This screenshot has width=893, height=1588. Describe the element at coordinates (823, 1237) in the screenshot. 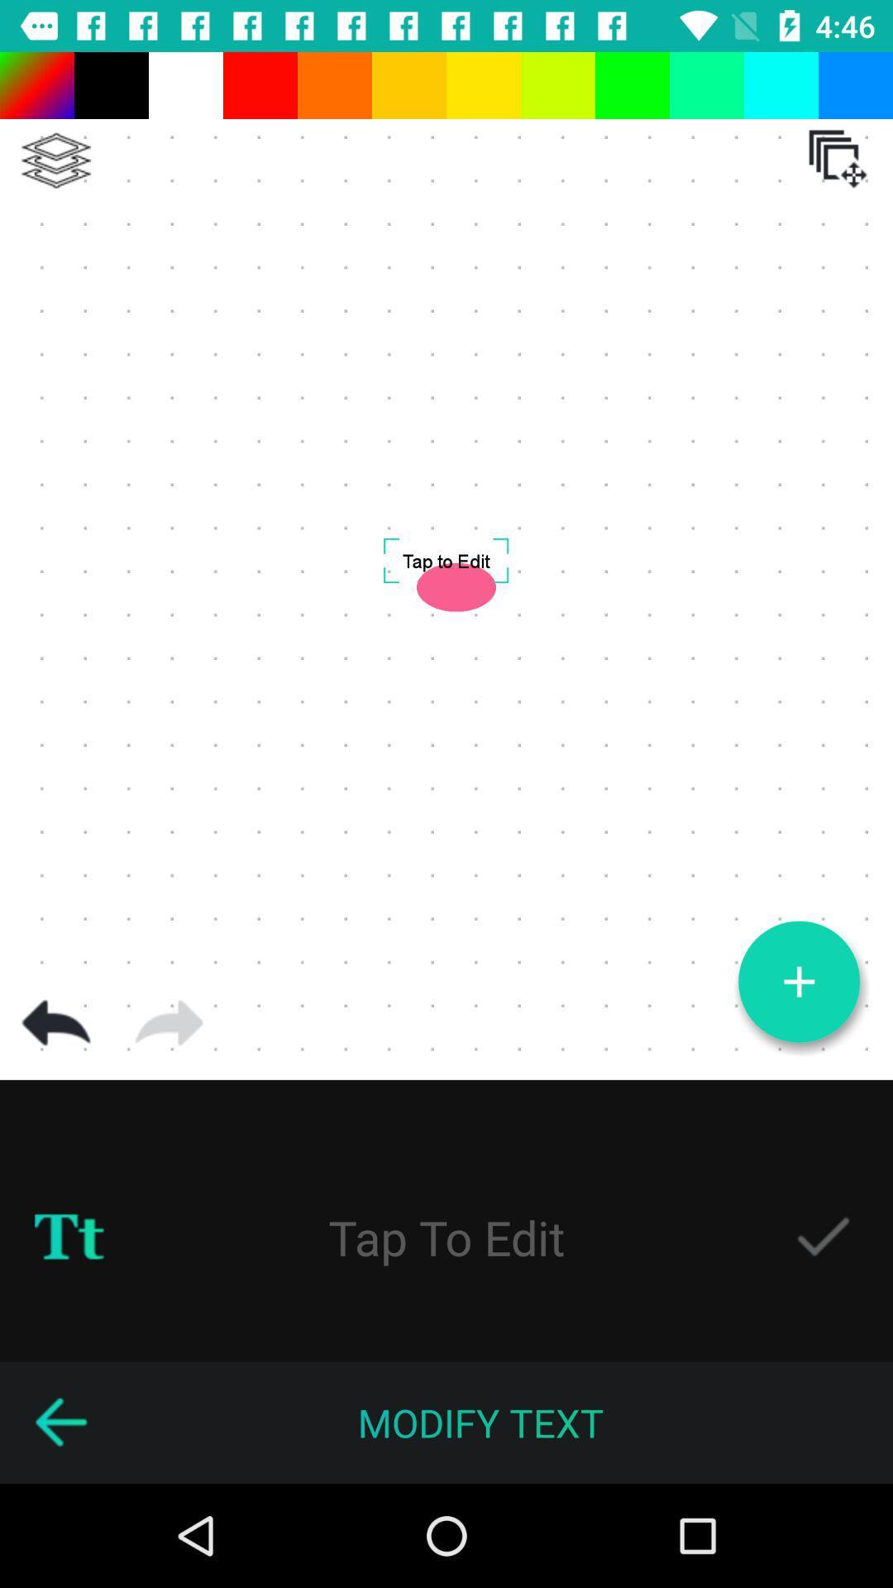

I see `approve edit` at that location.